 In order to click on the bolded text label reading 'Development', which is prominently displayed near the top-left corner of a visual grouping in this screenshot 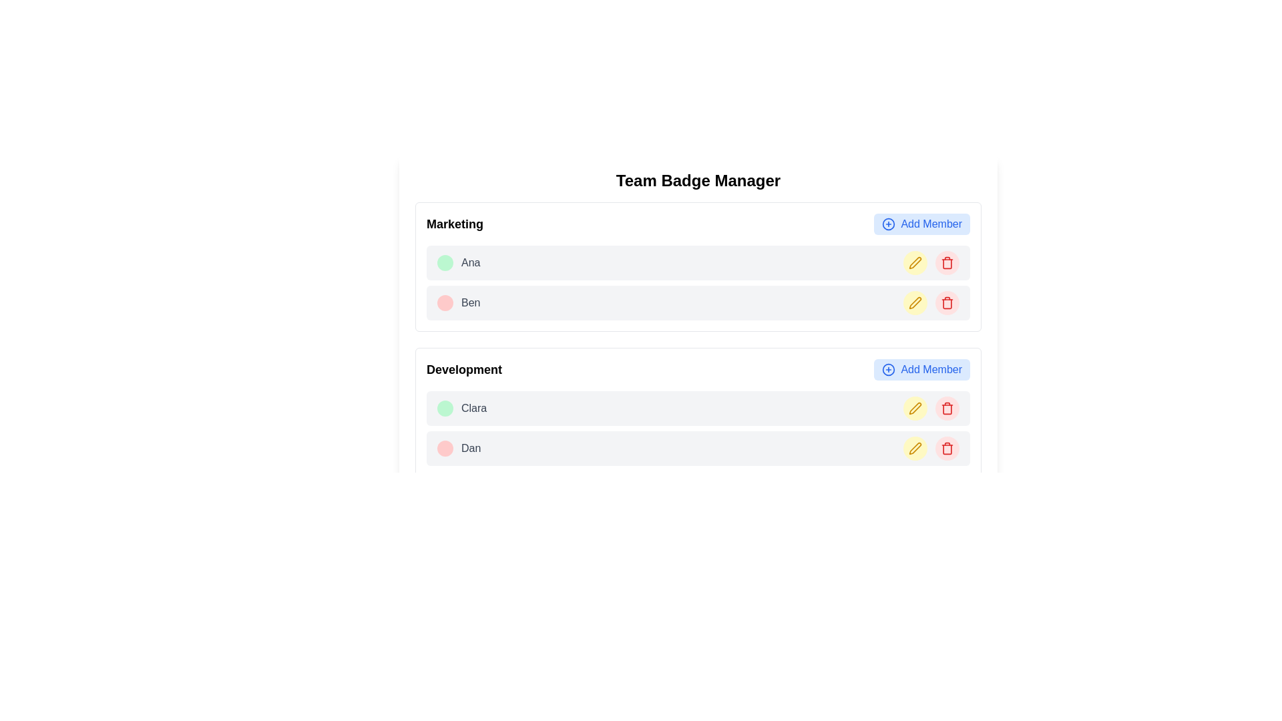, I will do `click(464, 370)`.